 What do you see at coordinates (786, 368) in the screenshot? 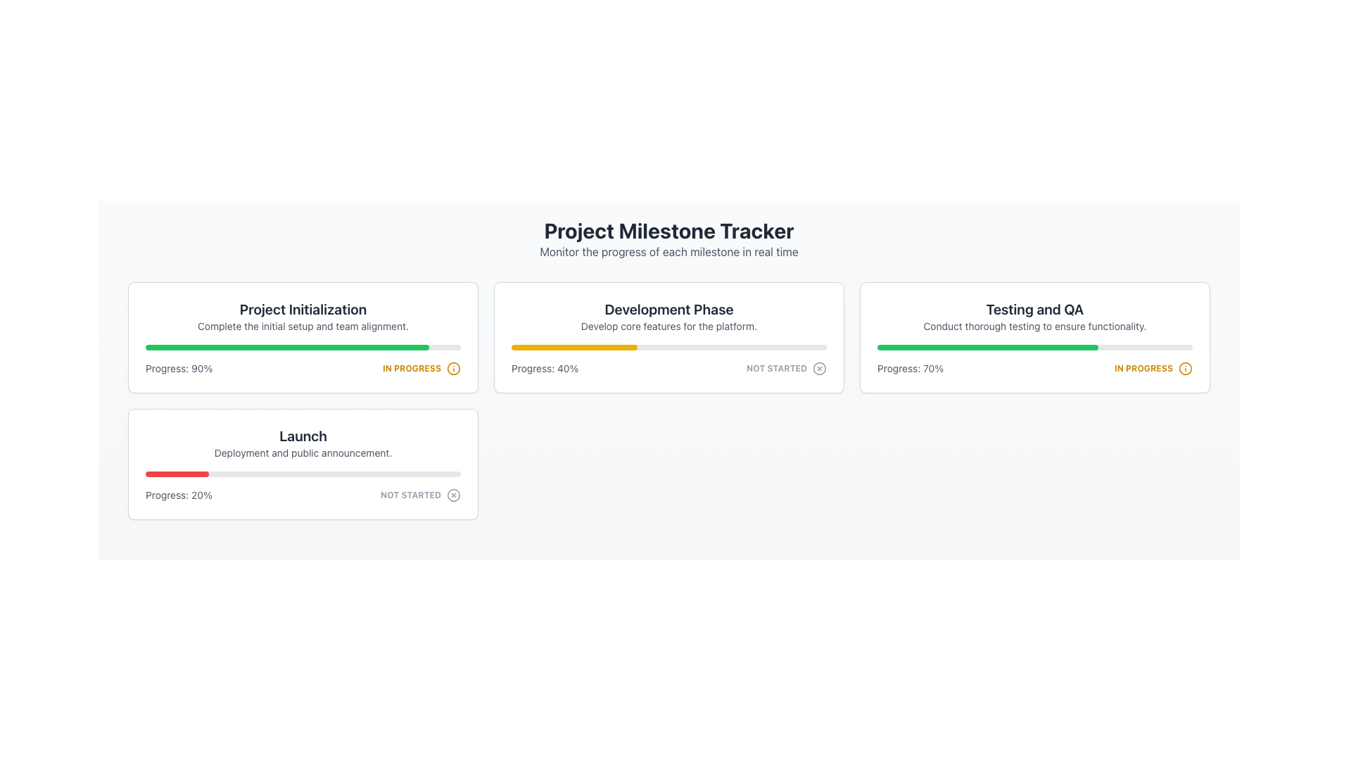
I see `the 'Not Started' status indicator badge located in the bottom-right section of the 'Development Phase' card, adjacent to the progress bar showing 'Progress: 40%'` at bounding box center [786, 368].